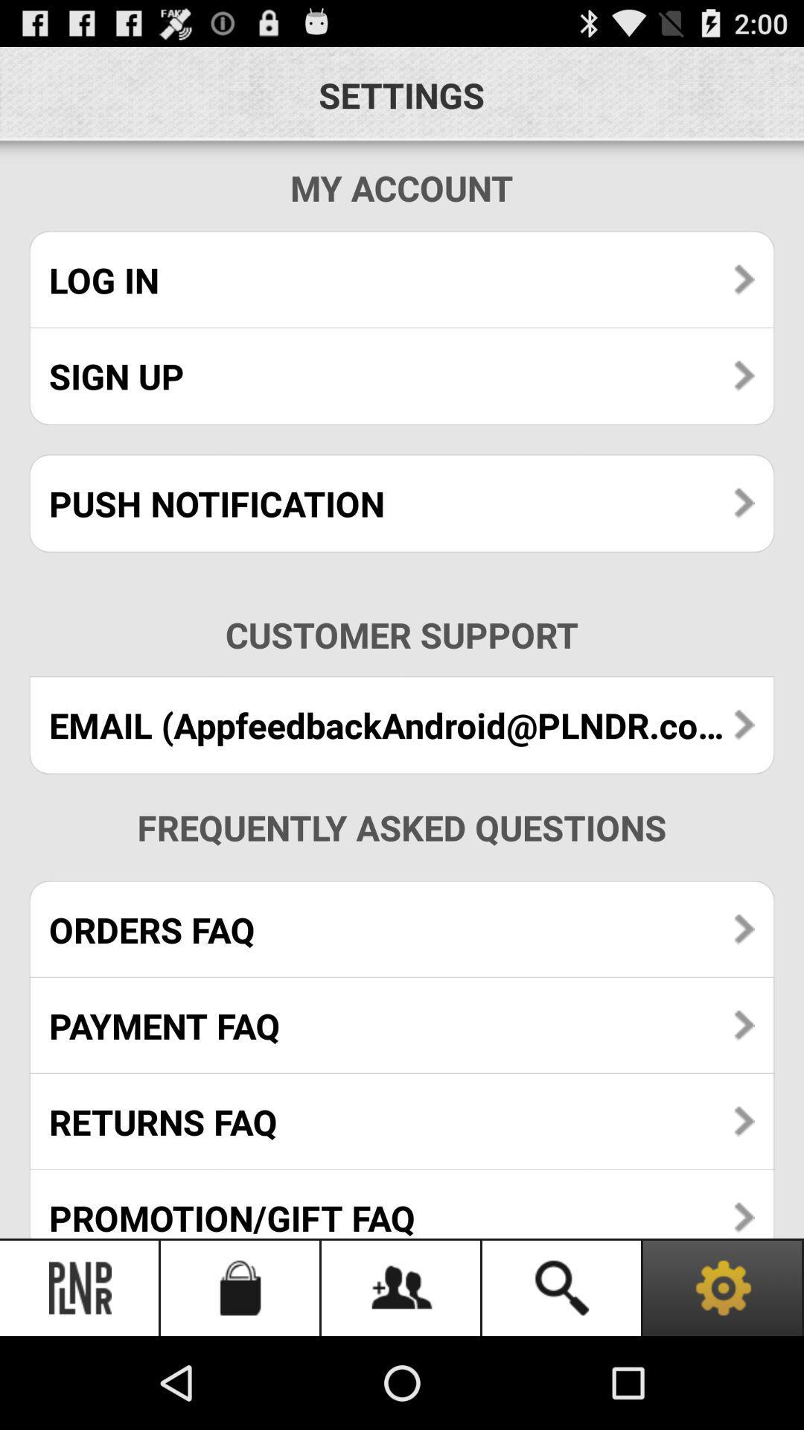 The width and height of the screenshot is (804, 1430). I want to click on the email appfeedbackandroid plndr item, so click(402, 725).